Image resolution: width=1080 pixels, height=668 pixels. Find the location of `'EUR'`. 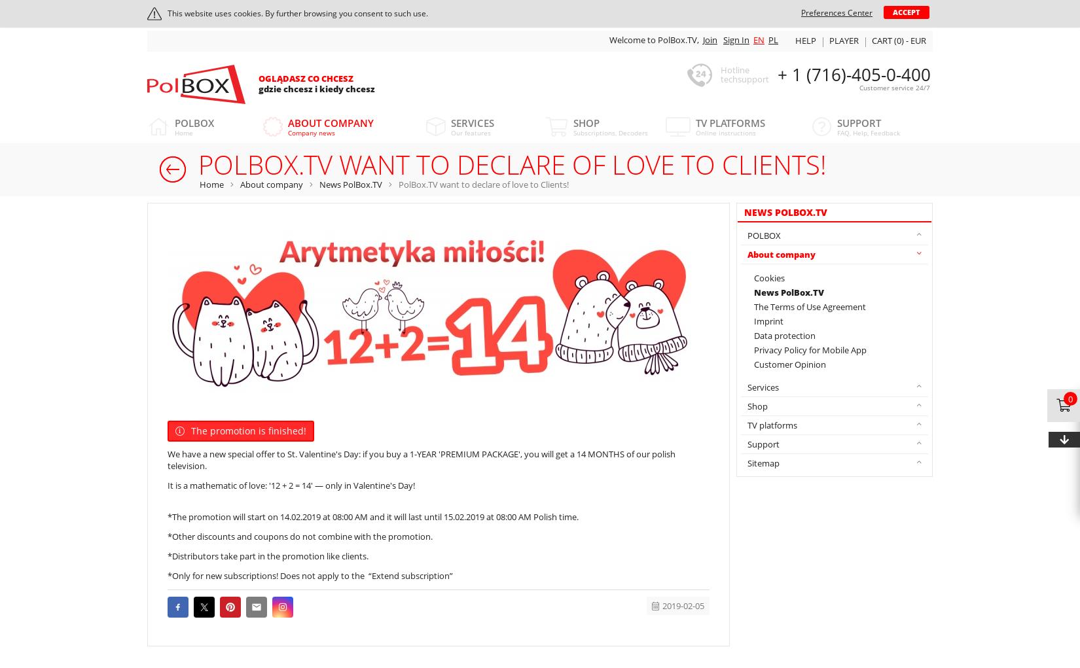

'EUR' is located at coordinates (917, 40).